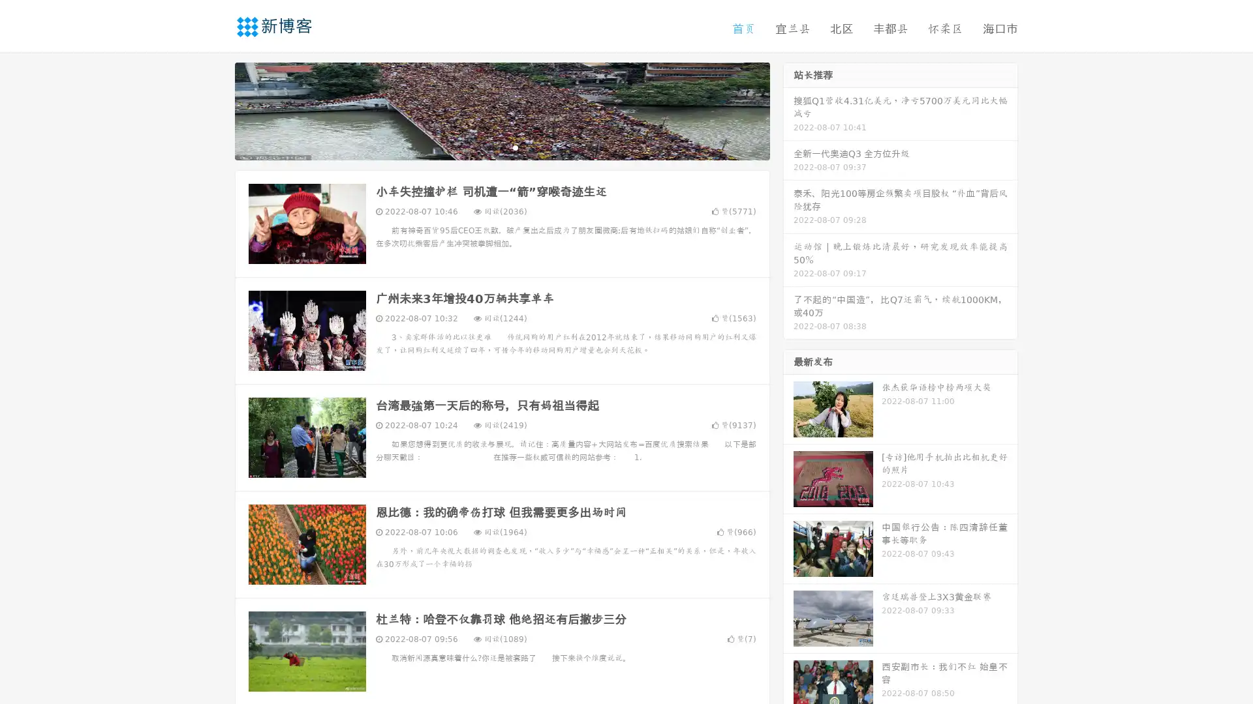 This screenshot has height=704, width=1253. I want to click on Go to slide 2, so click(501, 147).